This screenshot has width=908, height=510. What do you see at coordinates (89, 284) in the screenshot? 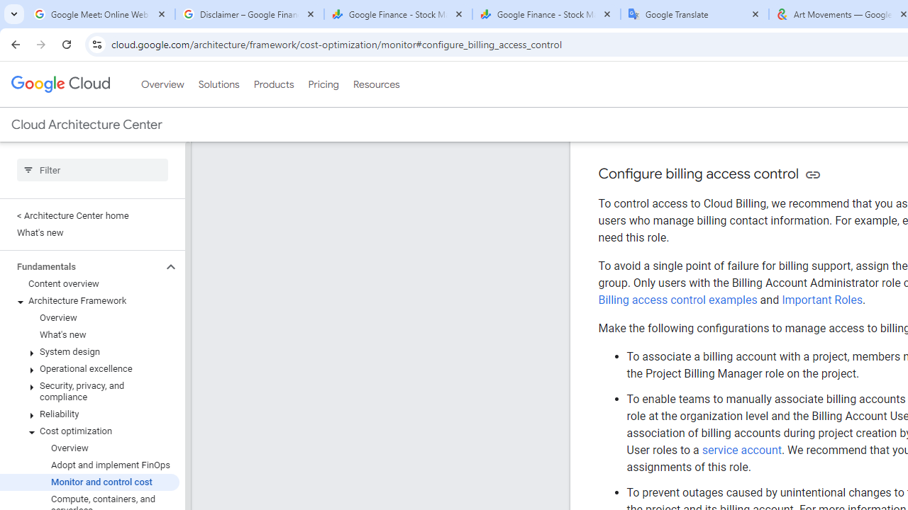
I see `'Content overview'` at bounding box center [89, 284].